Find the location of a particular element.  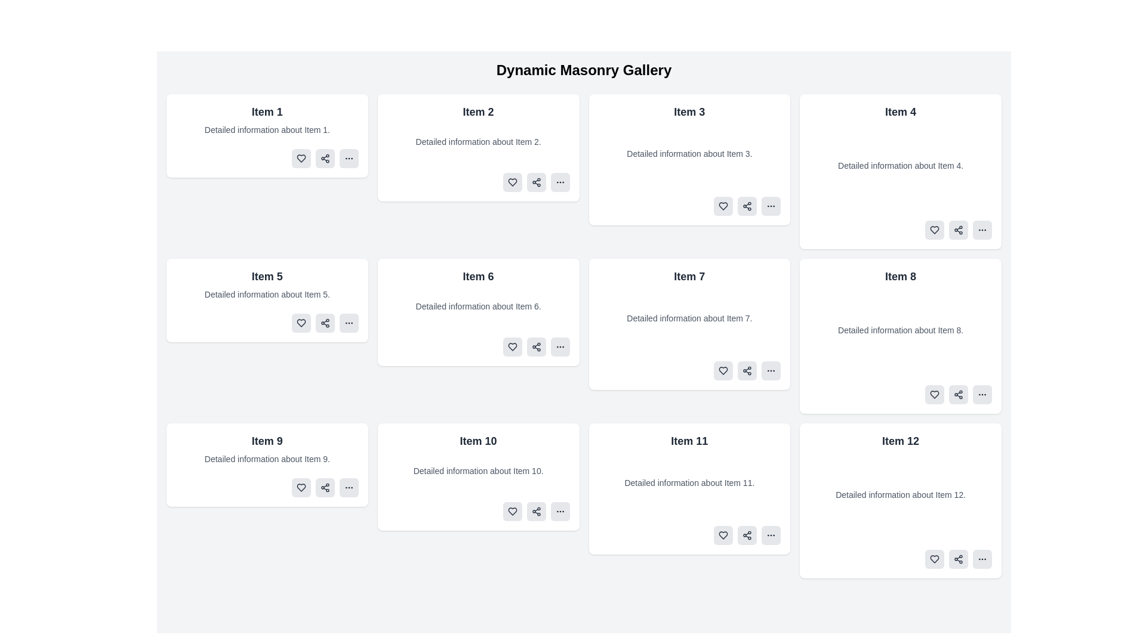

the leftmost button icon below the description of 'Item 9' is located at coordinates (301, 487).